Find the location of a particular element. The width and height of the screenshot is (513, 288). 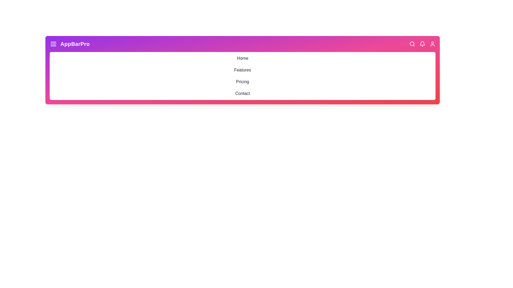

the user profile icon to open the user menu is located at coordinates (432, 44).